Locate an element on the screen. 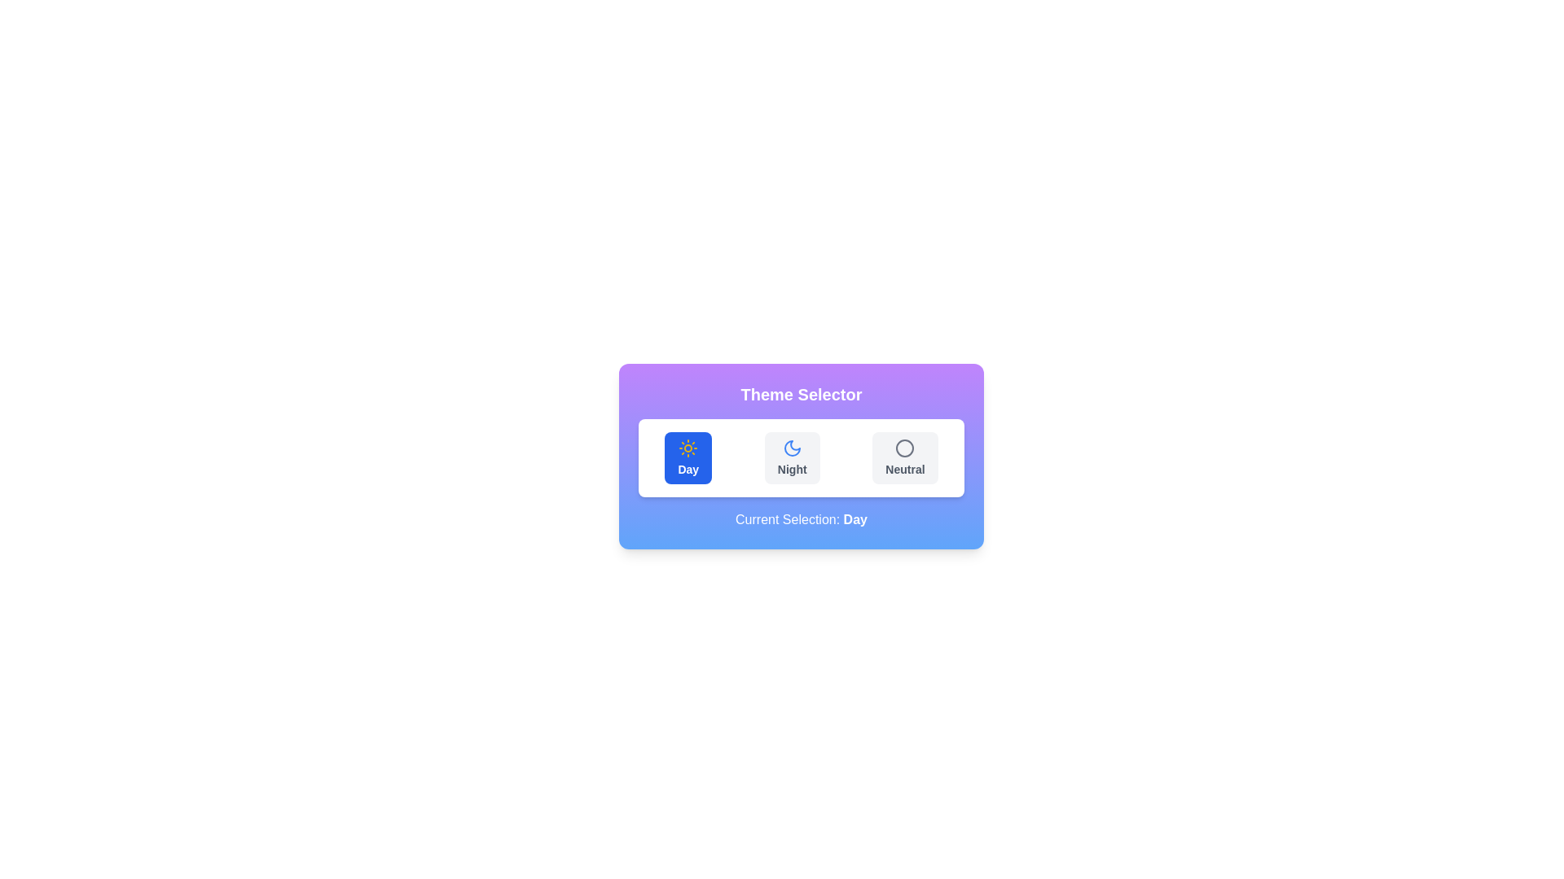 The height and width of the screenshot is (879, 1564). the text label indicating the current selection in the theme selection interface, which shows 'Day' as the selected option is located at coordinates (854, 519).